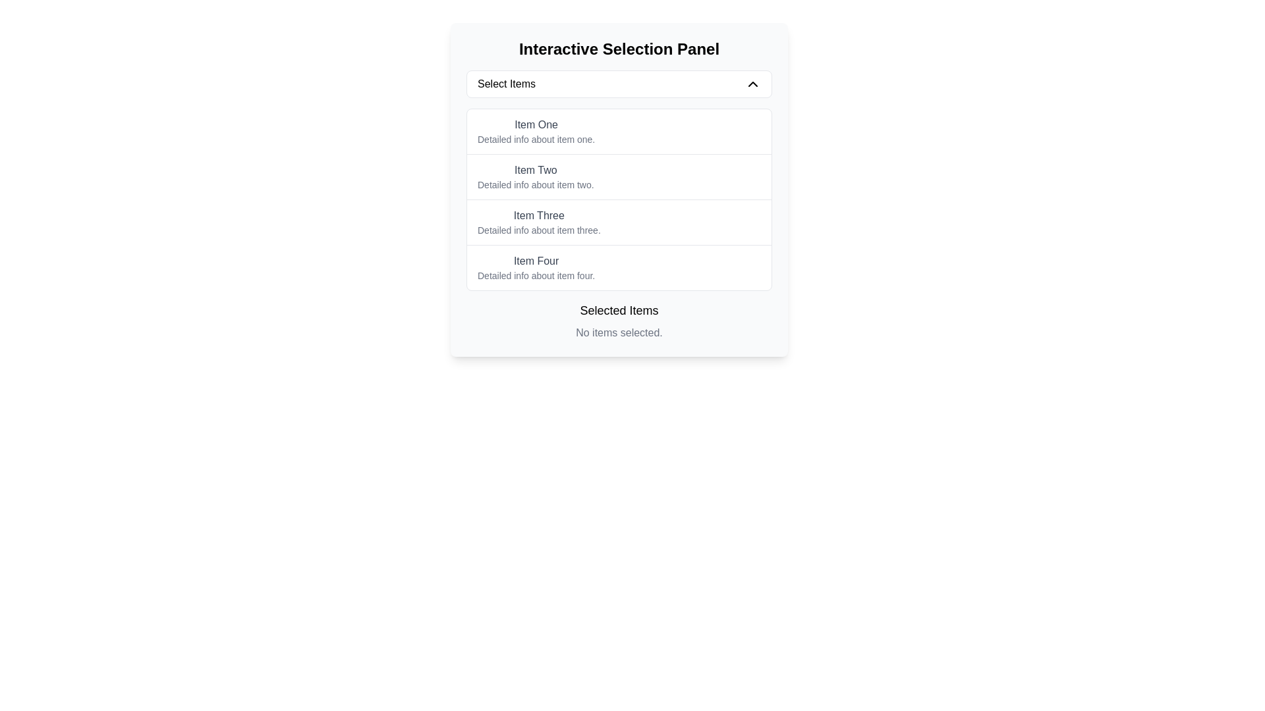 The height and width of the screenshot is (711, 1265). What do you see at coordinates (619, 310) in the screenshot?
I see `the 'Selected Items' text label, which is a bold, medium-sized font label located at the top of the selection panel, above the 'No items selected.' text` at bounding box center [619, 310].